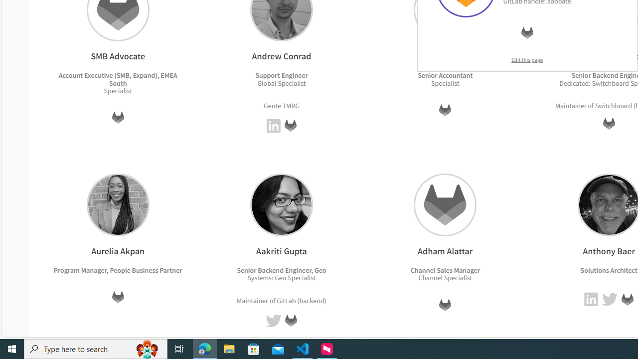  What do you see at coordinates (445, 204) in the screenshot?
I see `'Adham Alattar'` at bounding box center [445, 204].